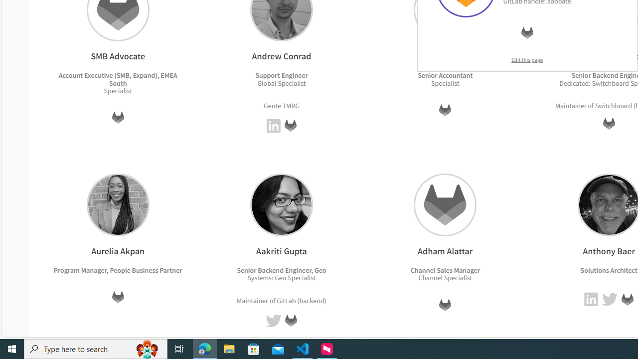  What do you see at coordinates (445, 204) in the screenshot?
I see `'Adham Alattar'` at bounding box center [445, 204].